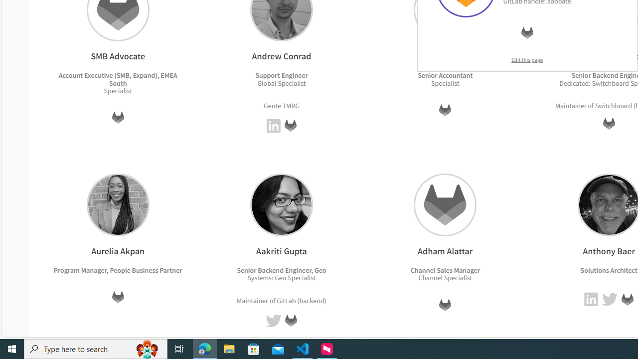  What do you see at coordinates (445, 204) in the screenshot?
I see `'Adham Alattar'` at bounding box center [445, 204].